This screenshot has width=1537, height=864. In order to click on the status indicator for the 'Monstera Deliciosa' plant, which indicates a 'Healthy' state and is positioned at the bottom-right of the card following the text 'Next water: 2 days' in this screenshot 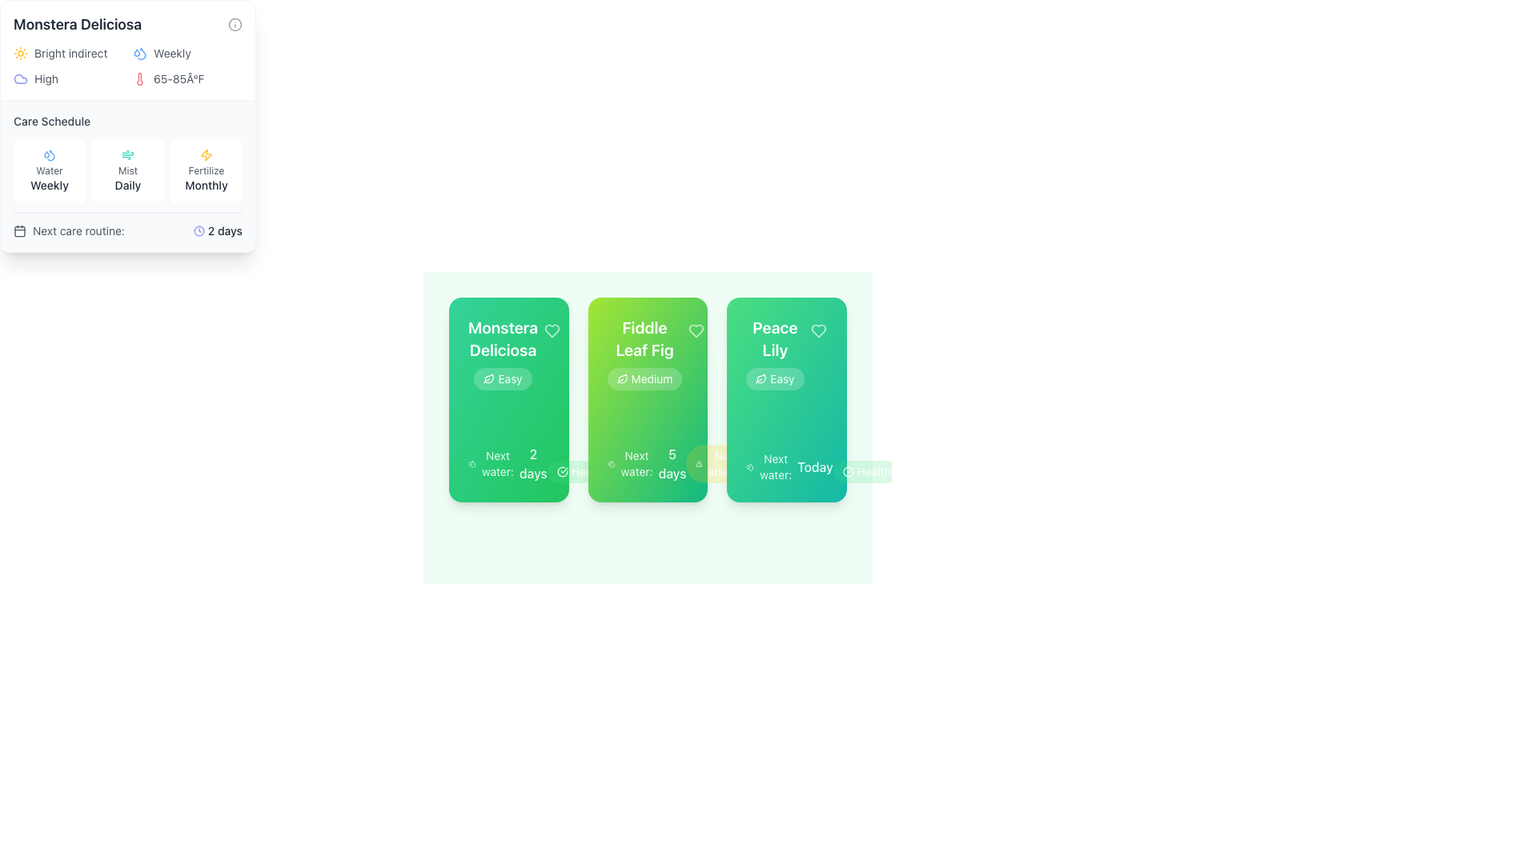, I will do `click(583, 471)`.